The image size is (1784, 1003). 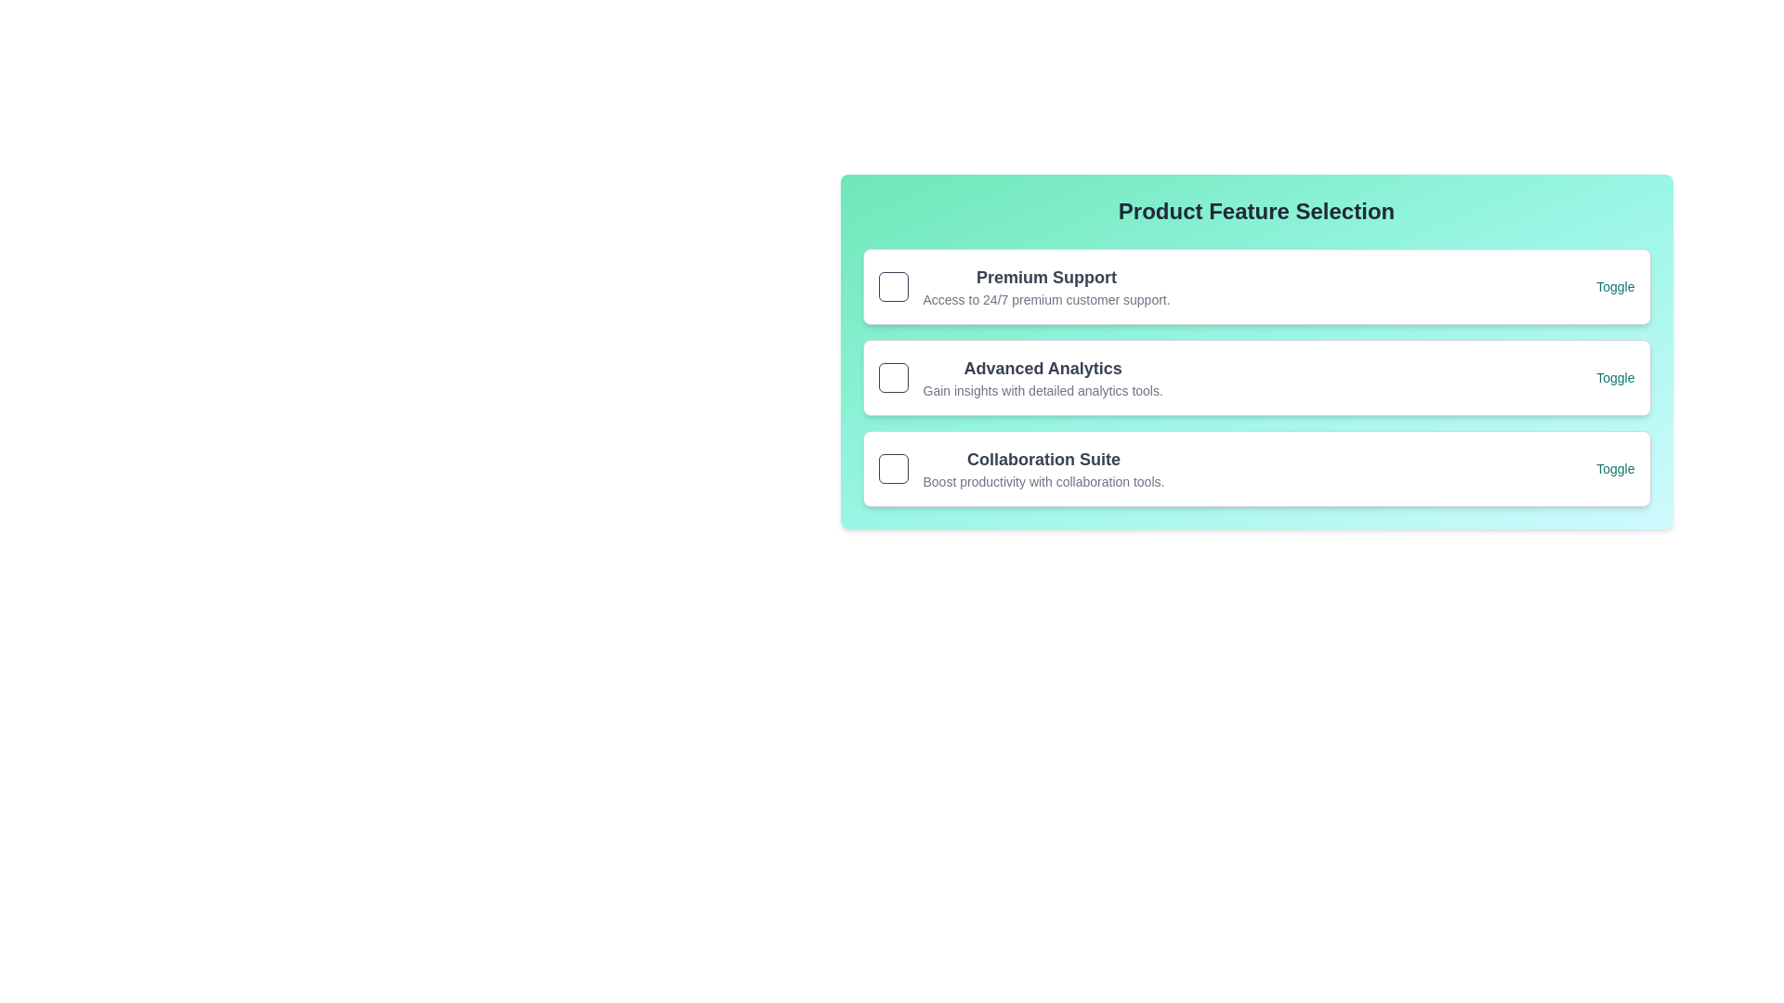 I want to click on the checkbox for 'Advanced Analytics' to receive interaction feedback, so click(x=893, y=377).